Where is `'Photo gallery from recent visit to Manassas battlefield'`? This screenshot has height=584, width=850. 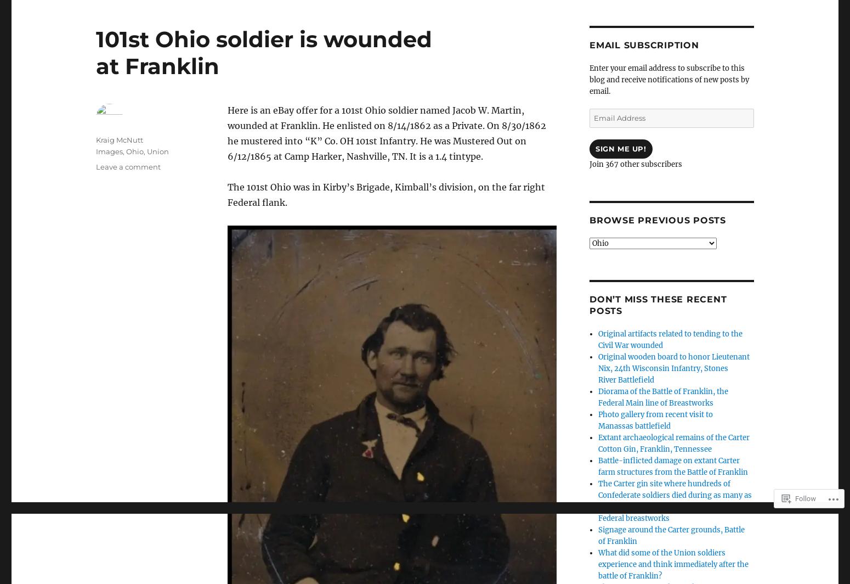 'Photo gallery from recent visit to Manassas battlefield' is located at coordinates (655, 420).